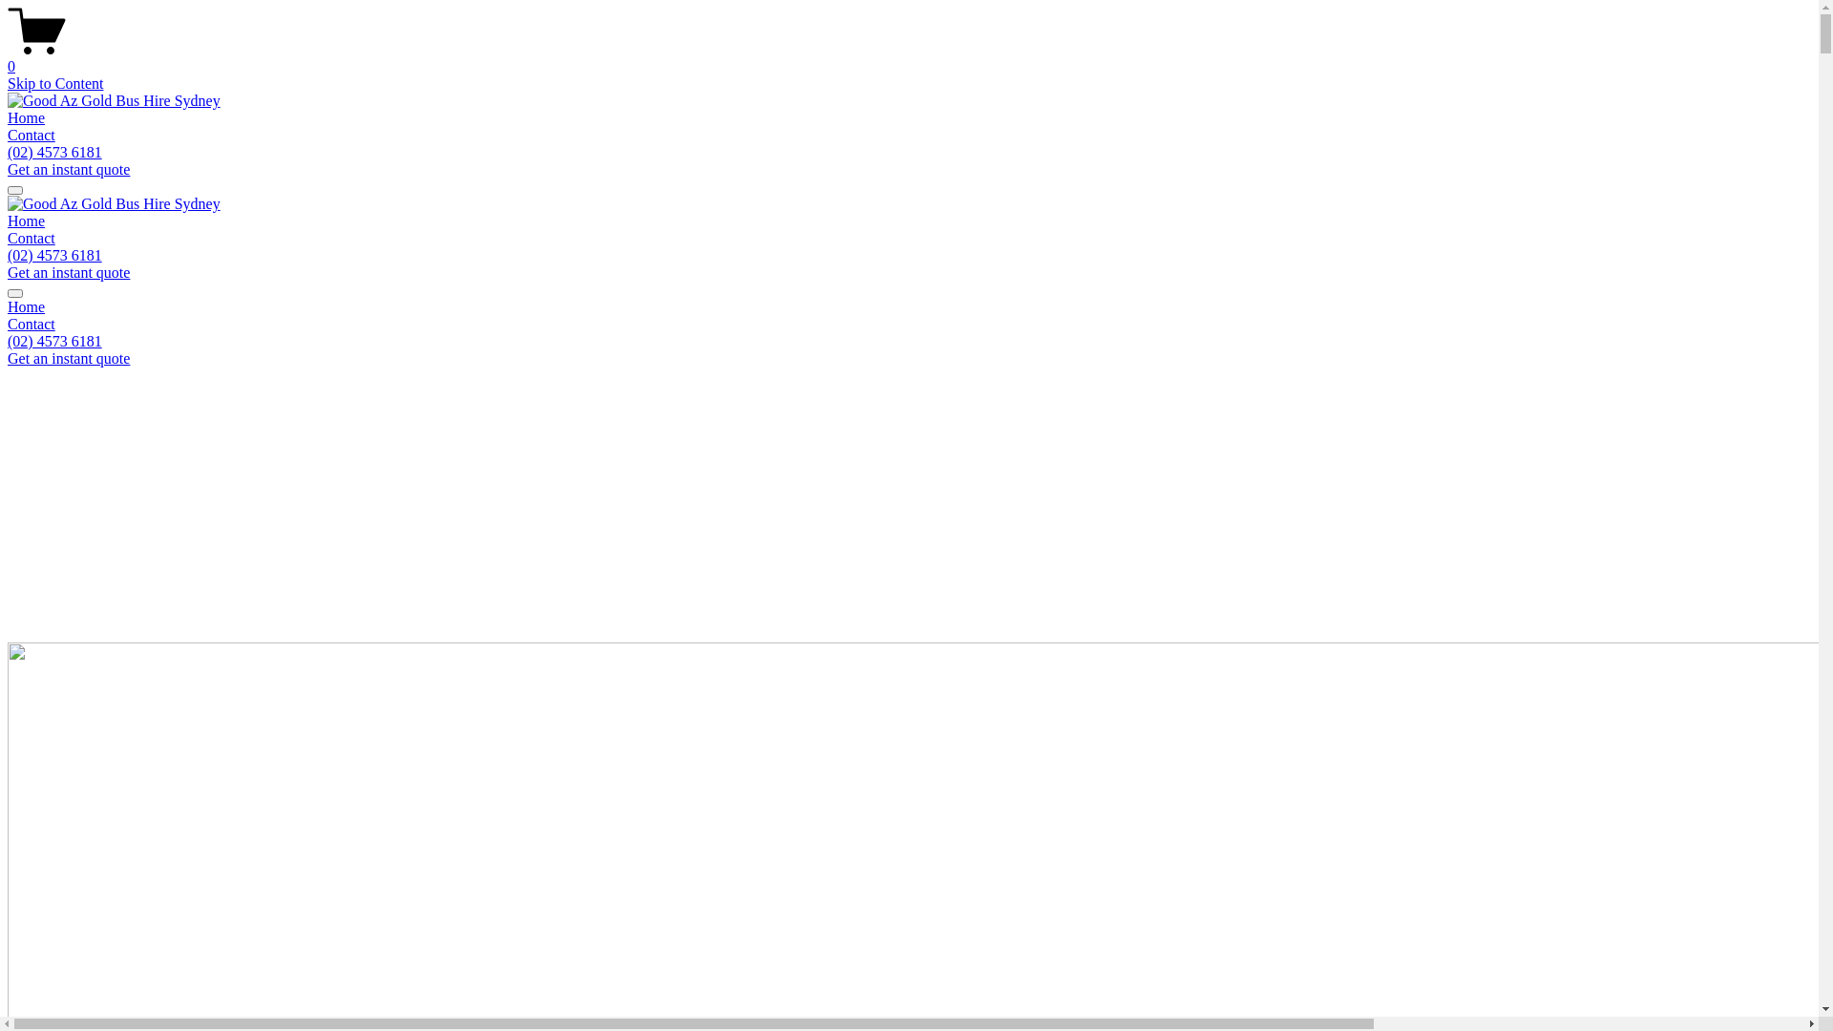  I want to click on '(02) 4573 6181', so click(8, 254).